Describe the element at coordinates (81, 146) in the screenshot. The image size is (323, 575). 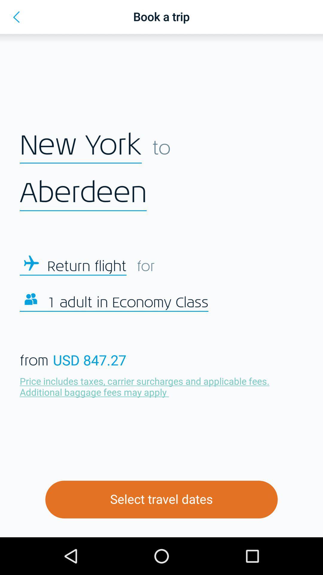
I see `item next to the to icon` at that location.